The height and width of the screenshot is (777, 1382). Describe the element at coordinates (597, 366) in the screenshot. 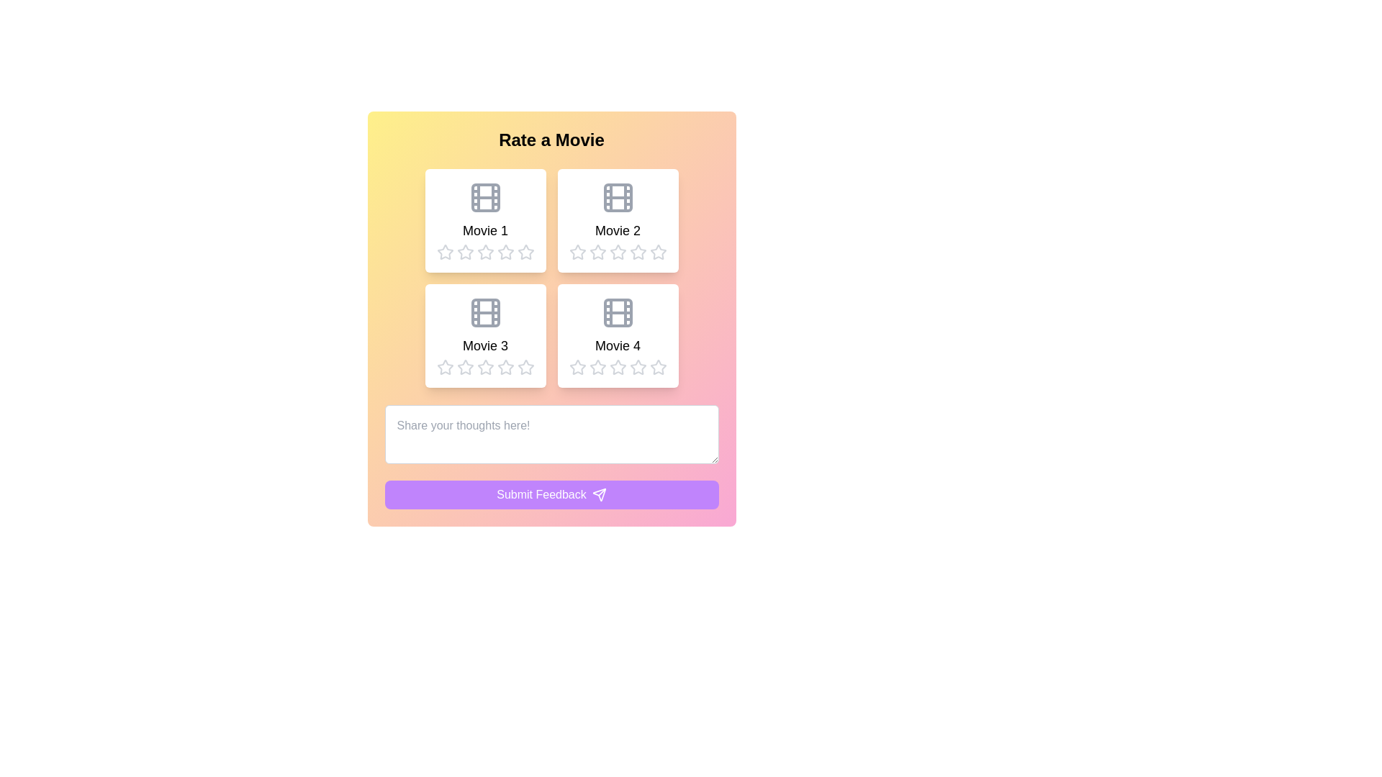

I see `the first star-shaped icon in the five-star rating system located under the 'Movie 4' label for keyboard interaction` at that location.